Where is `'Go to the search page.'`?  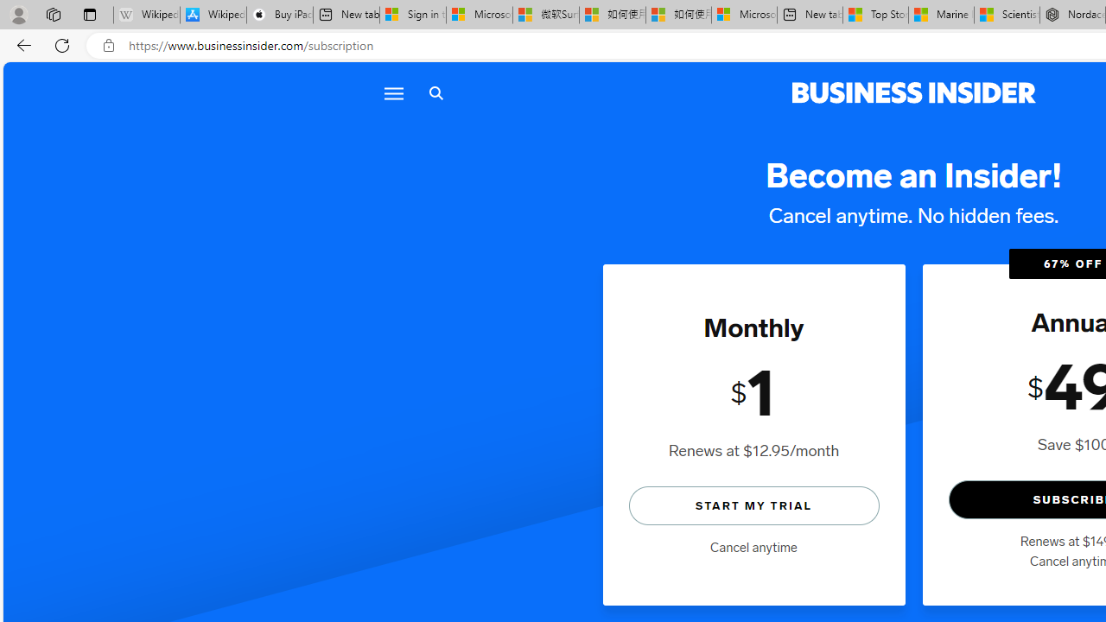
'Go to the search page.' is located at coordinates (435, 93).